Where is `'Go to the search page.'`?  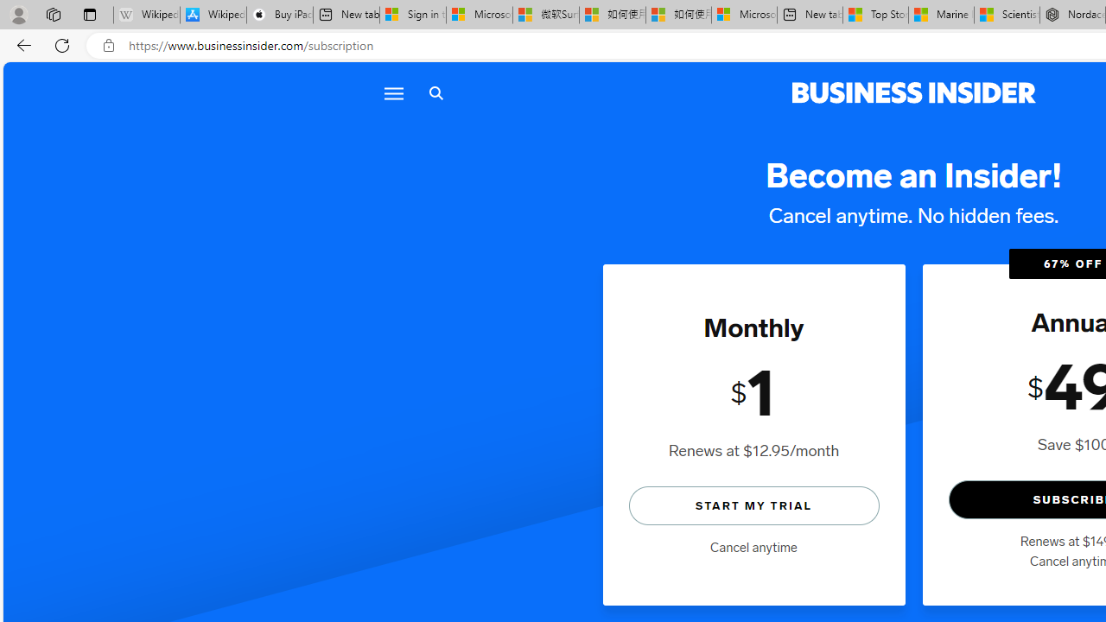
'Go to the search page.' is located at coordinates (435, 93).